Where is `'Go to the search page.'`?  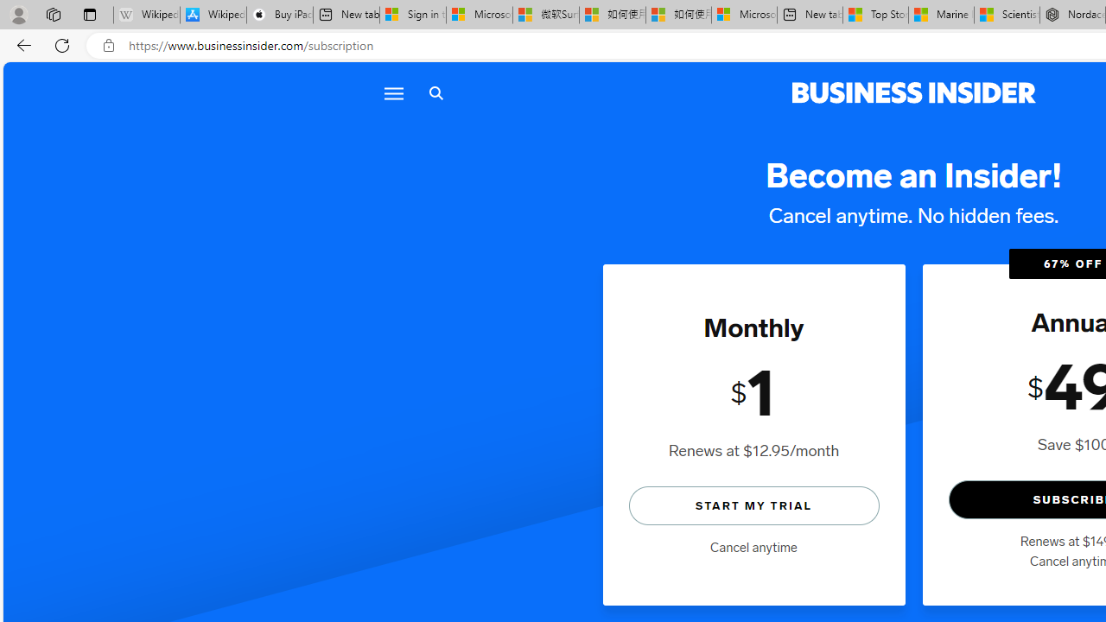
'Go to the search page.' is located at coordinates (435, 93).